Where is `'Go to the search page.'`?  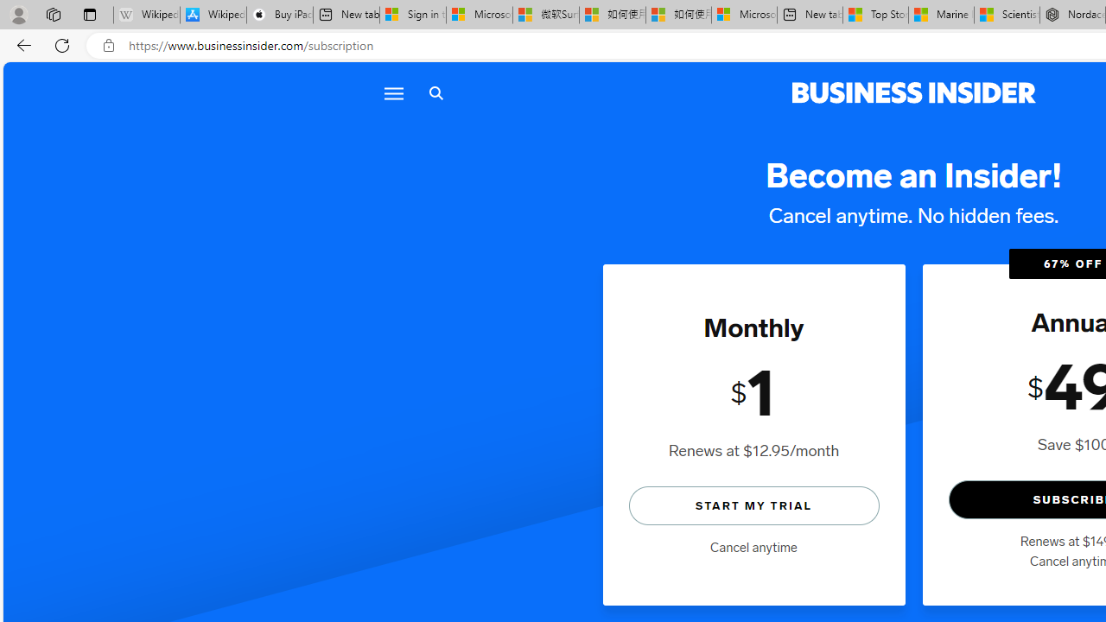
'Go to the search page.' is located at coordinates (435, 93).